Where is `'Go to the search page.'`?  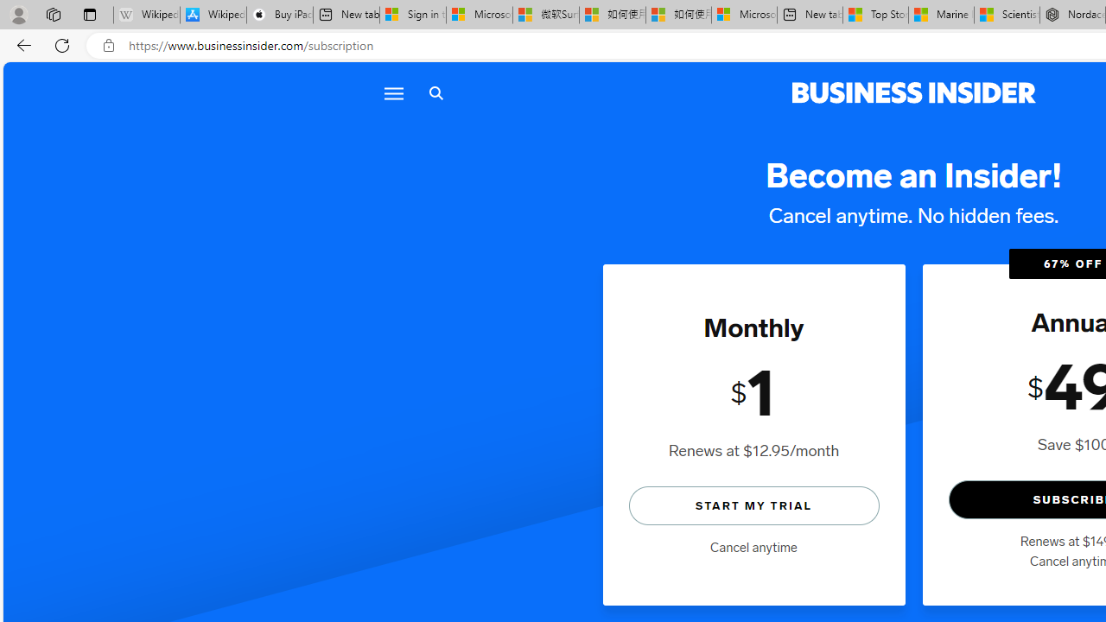
'Go to the search page.' is located at coordinates (435, 93).